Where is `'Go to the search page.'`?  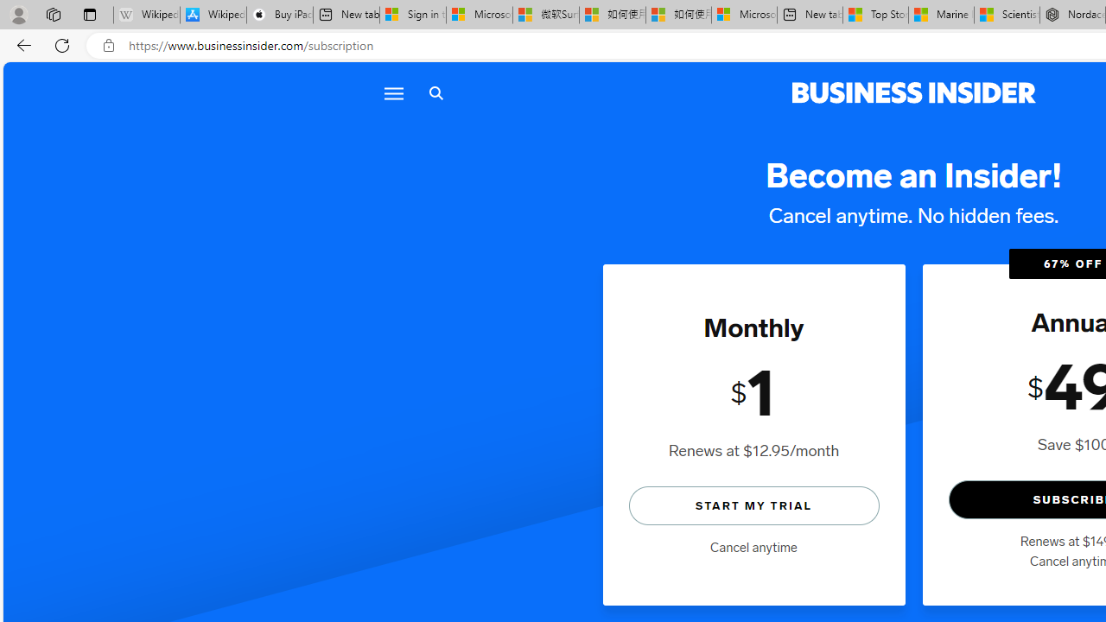
'Go to the search page.' is located at coordinates (435, 93).